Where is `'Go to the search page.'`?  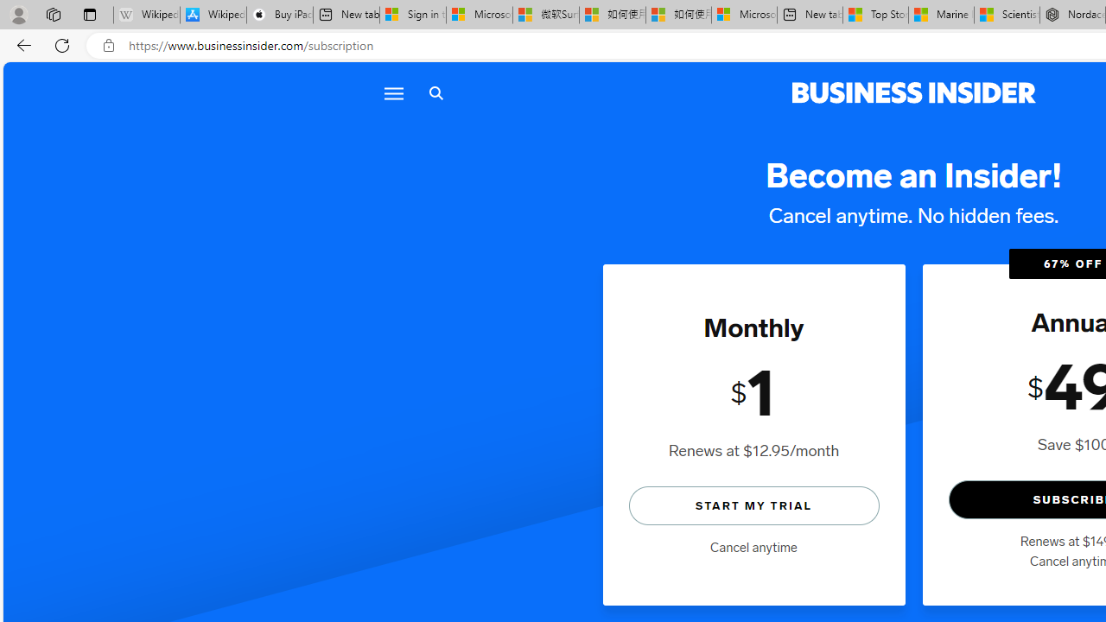
'Go to the search page.' is located at coordinates (435, 93).